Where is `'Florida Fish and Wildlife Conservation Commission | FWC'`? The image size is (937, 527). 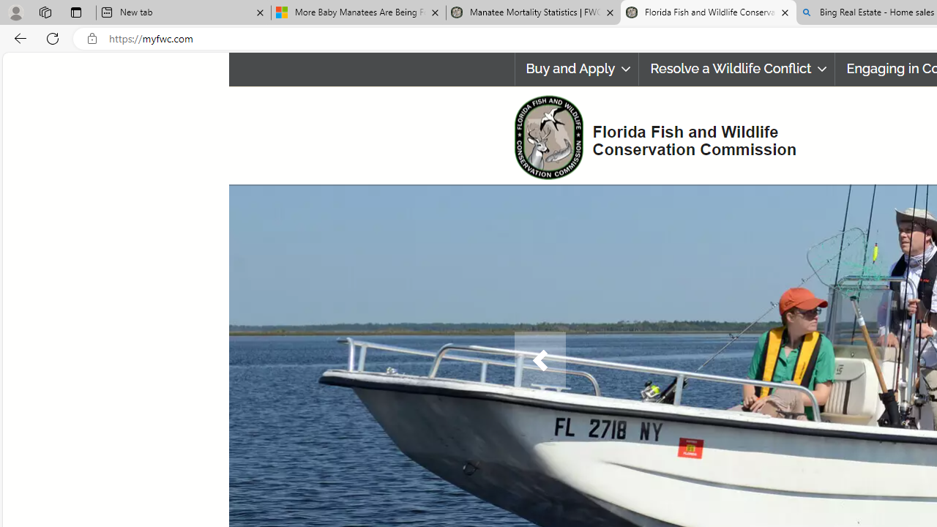
'Florida Fish and Wildlife Conservation Commission | FWC' is located at coordinates (708, 12).